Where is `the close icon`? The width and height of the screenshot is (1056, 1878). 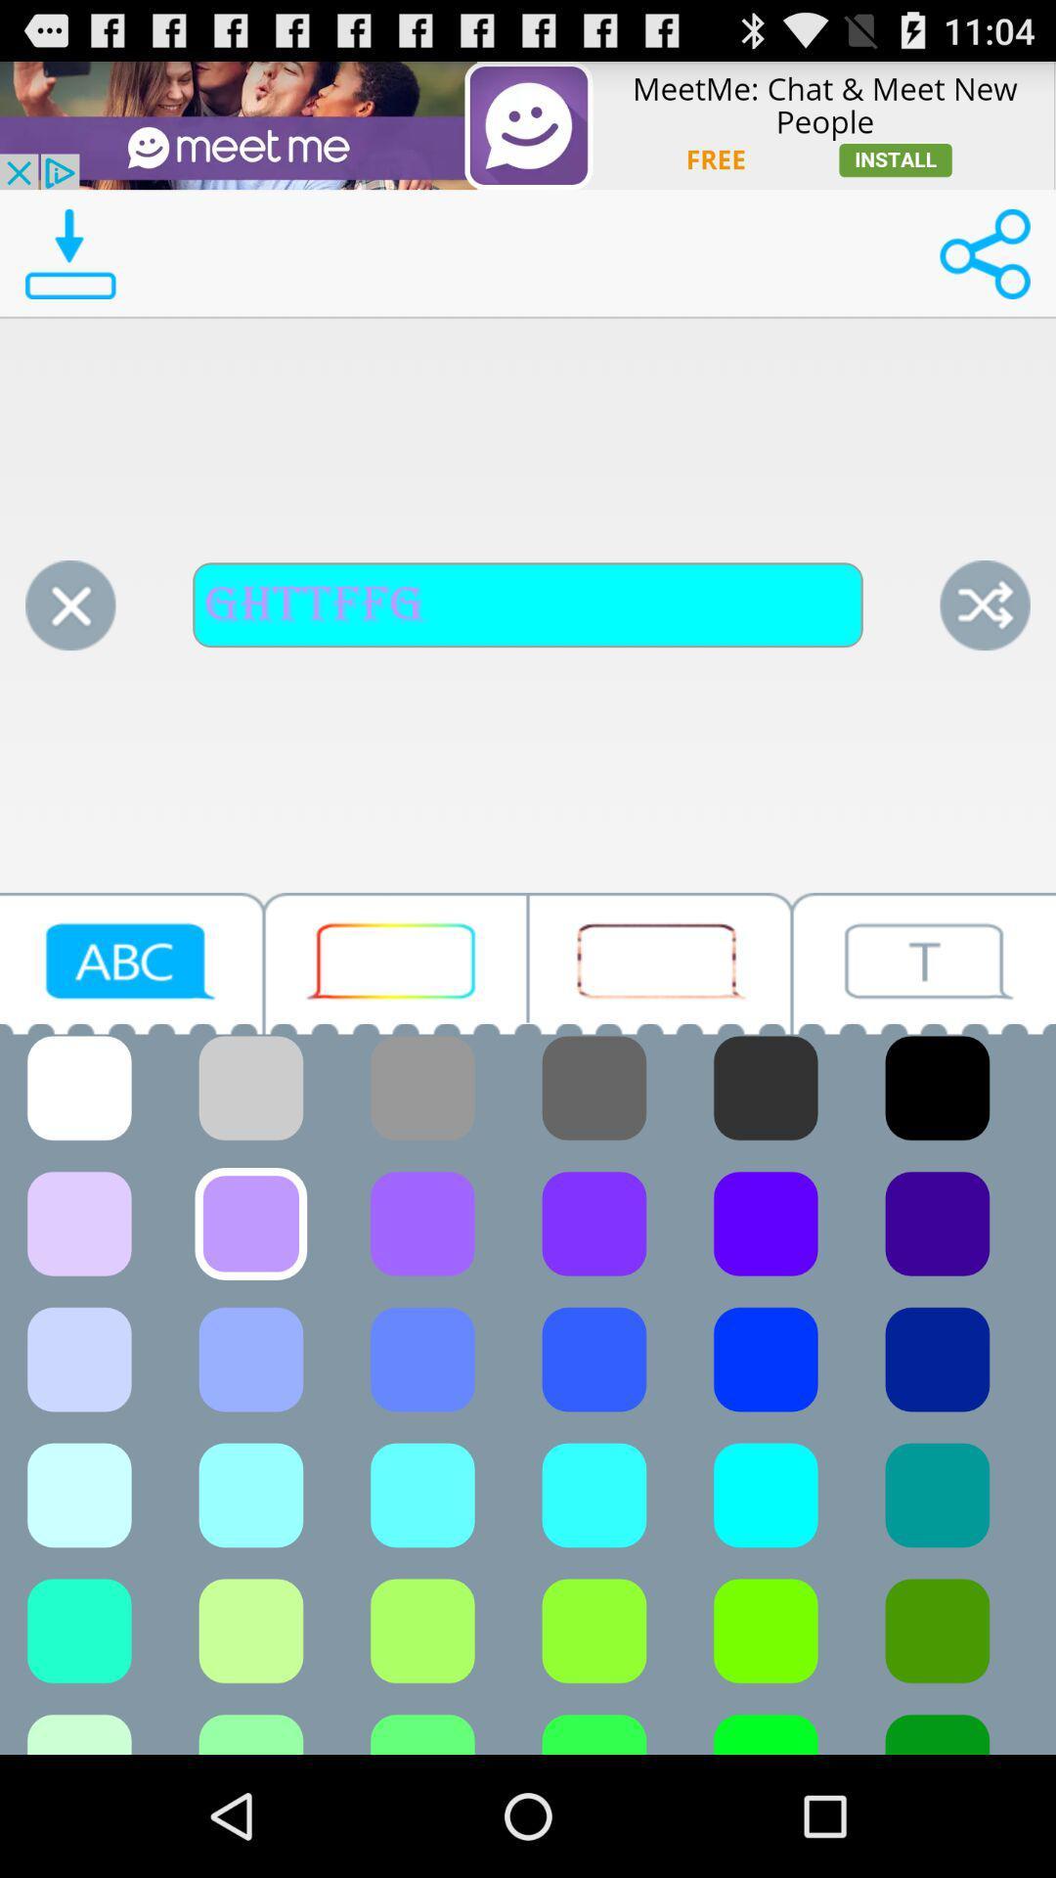
the close icon is located at coordinates (69, 648).